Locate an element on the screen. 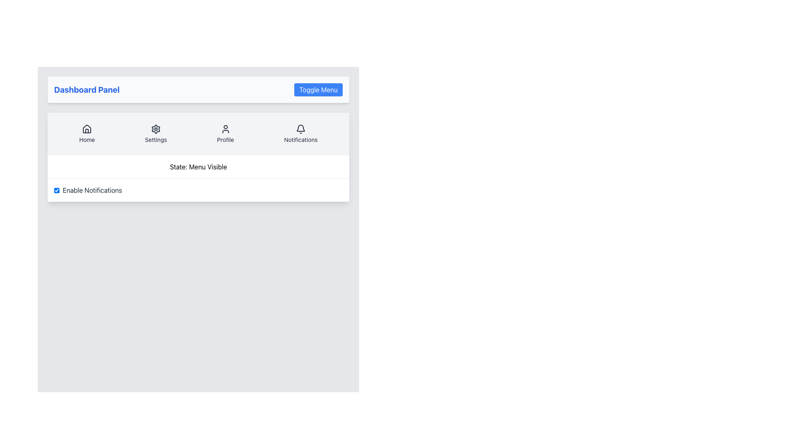  the navigational link with an icon and label located as the third item in the horizontal navigation menu is located at coordinates (225, 134).